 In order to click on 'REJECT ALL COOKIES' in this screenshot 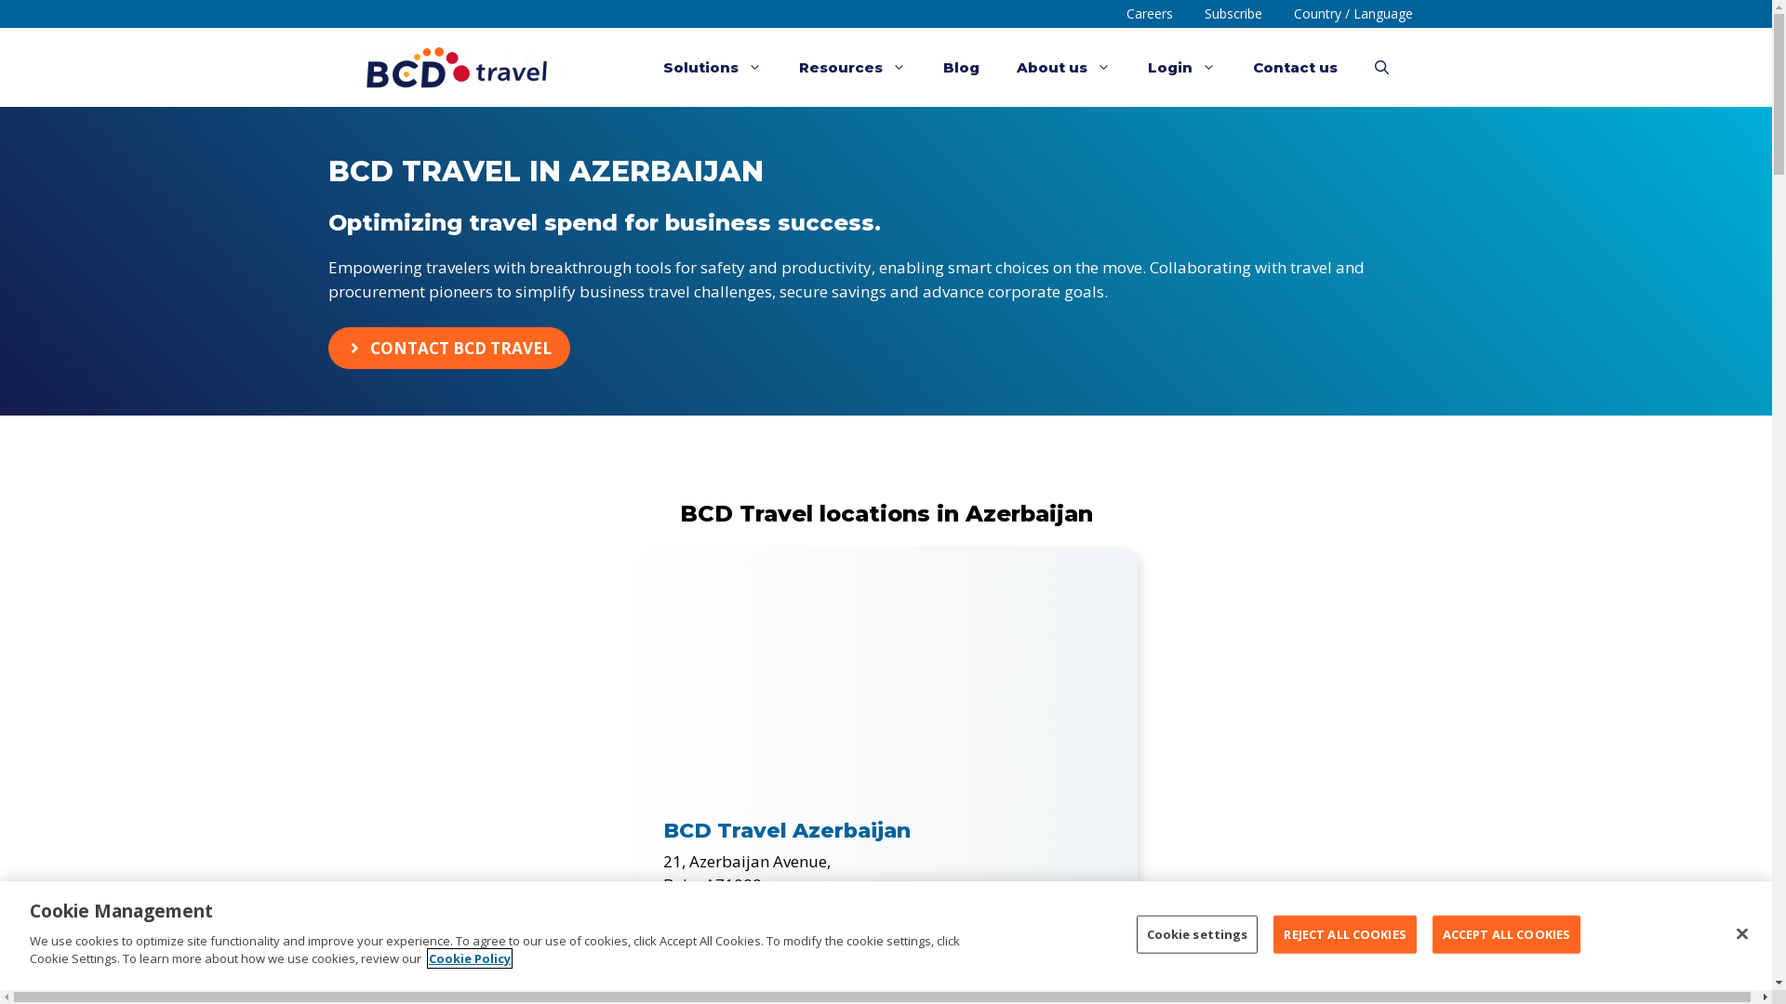, I will do `click(1344, 934)`.